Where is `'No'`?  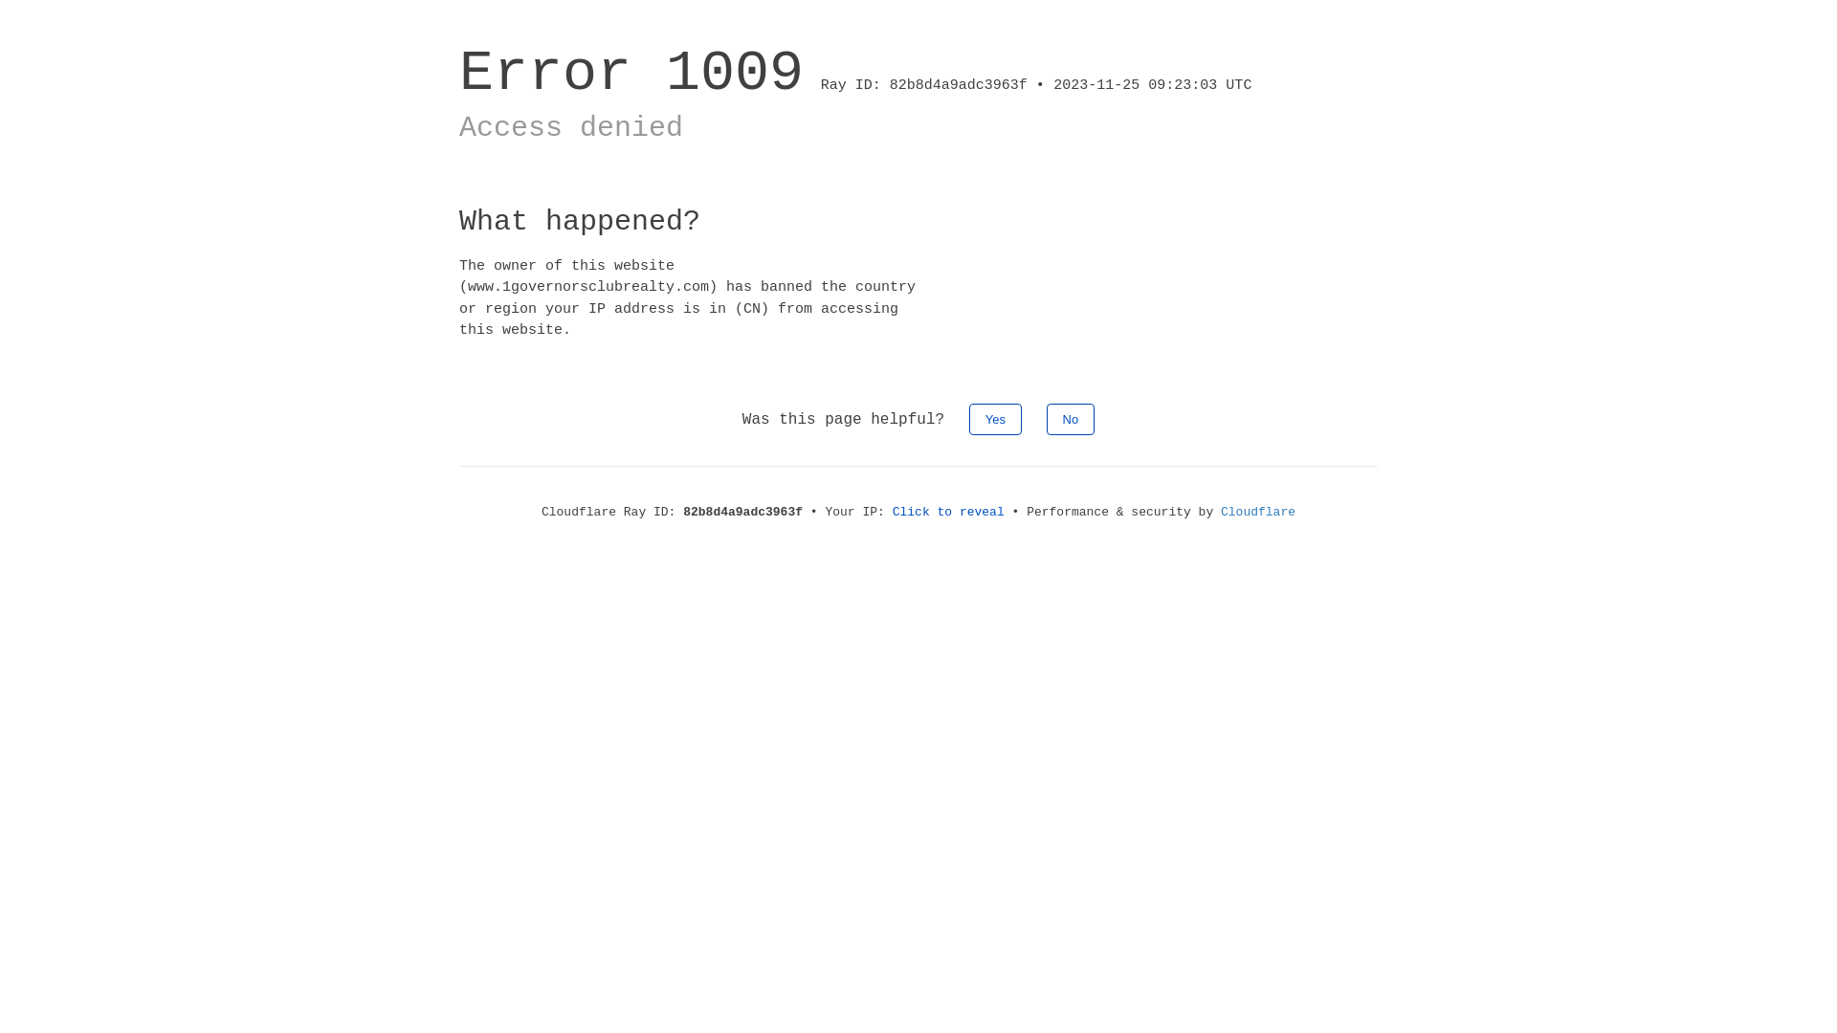
'No' is located at coordinates (1070, 418).